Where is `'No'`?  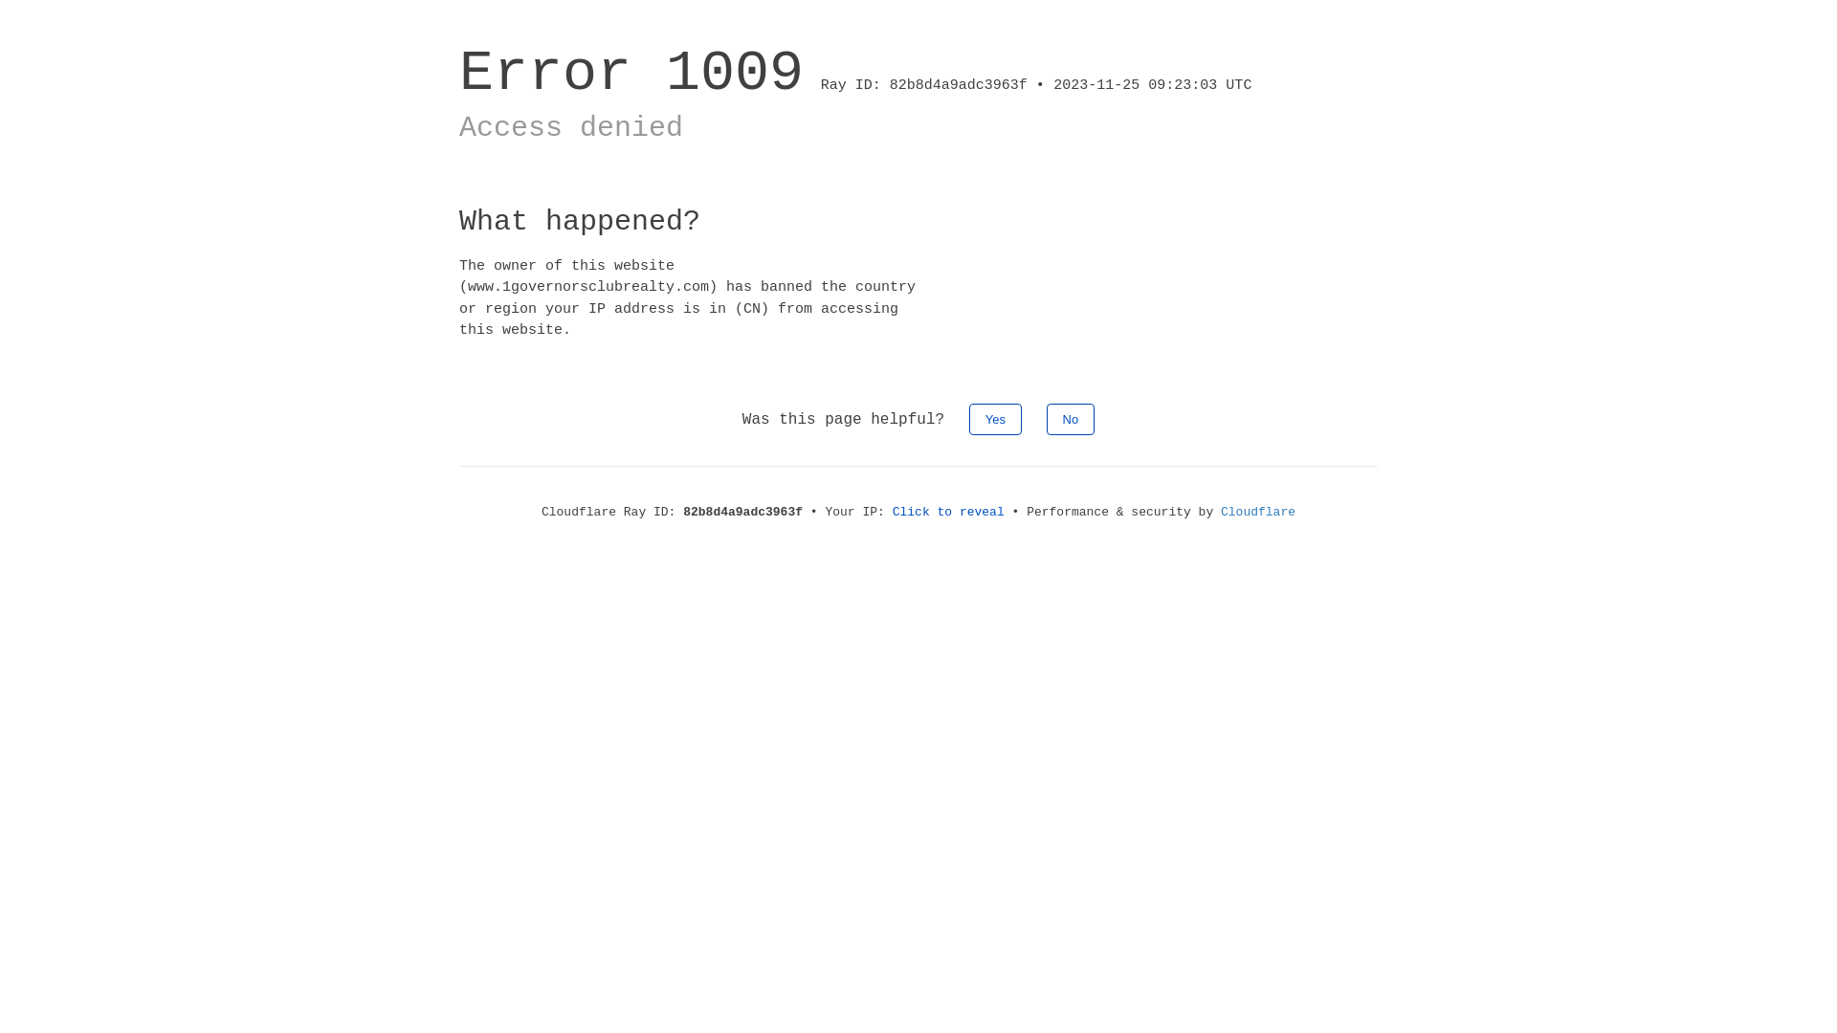
'No' is located at coordinates (1070, 418).